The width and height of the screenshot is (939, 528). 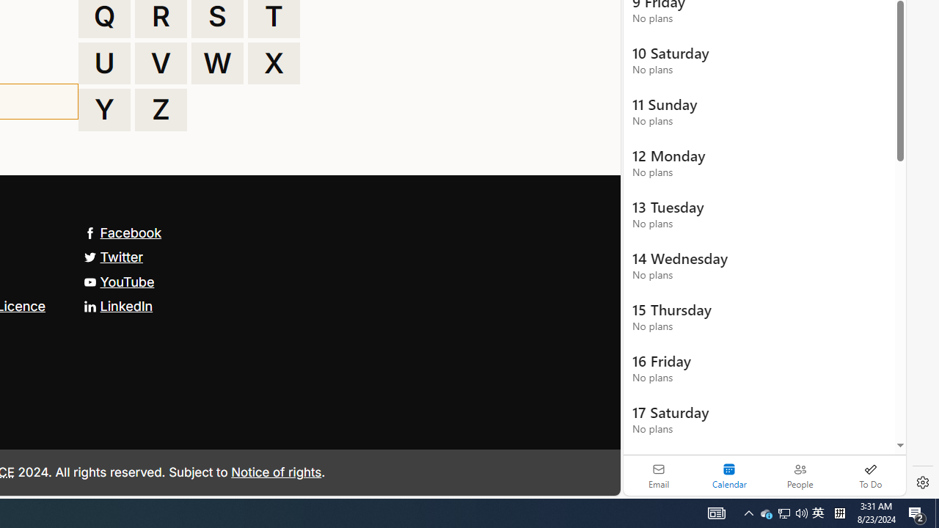 I want to click on 'U', so click(x=103, y=62).